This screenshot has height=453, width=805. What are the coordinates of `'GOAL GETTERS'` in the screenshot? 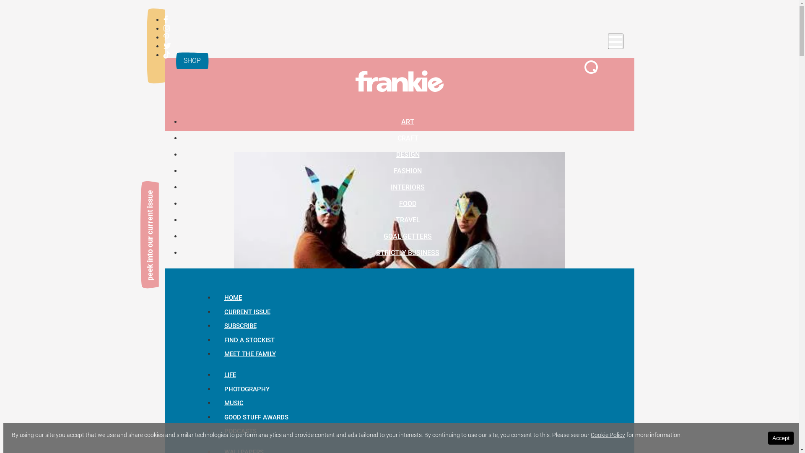 It's located at (408, 236).